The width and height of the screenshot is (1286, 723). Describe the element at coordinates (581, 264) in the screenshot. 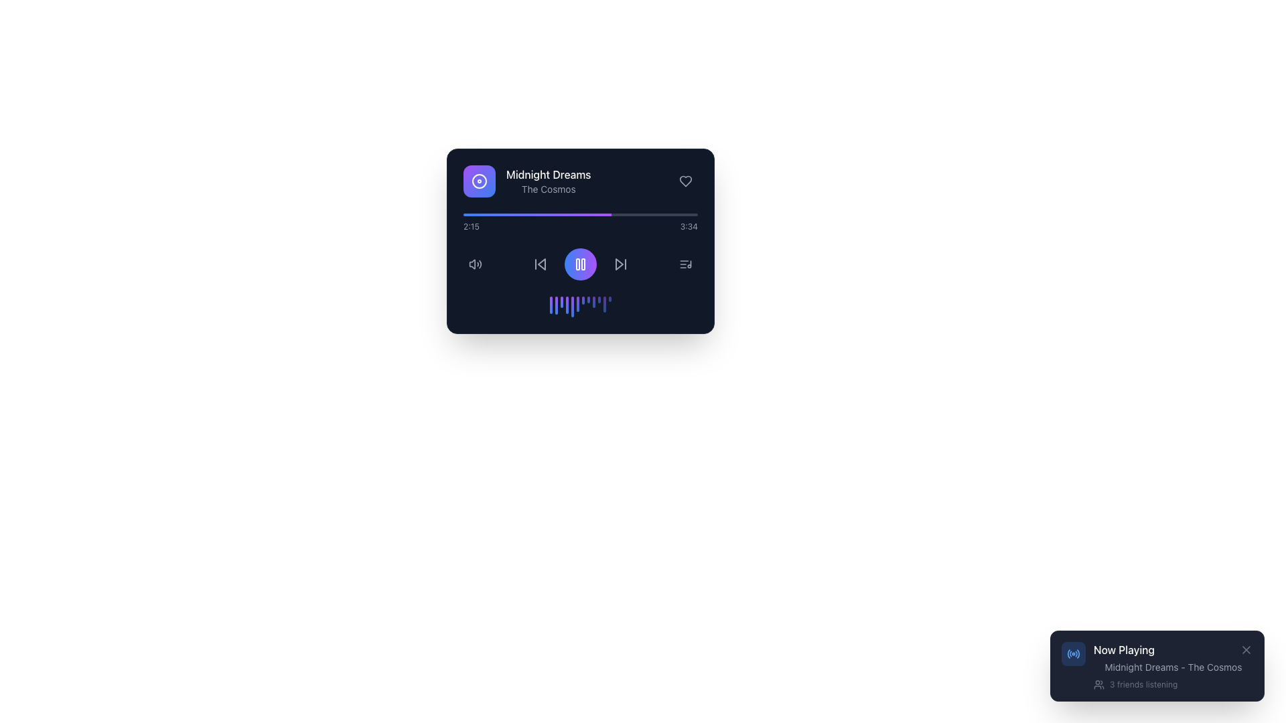

I see `the pause button icon located at the bottom middle of the music player interface` at that location.